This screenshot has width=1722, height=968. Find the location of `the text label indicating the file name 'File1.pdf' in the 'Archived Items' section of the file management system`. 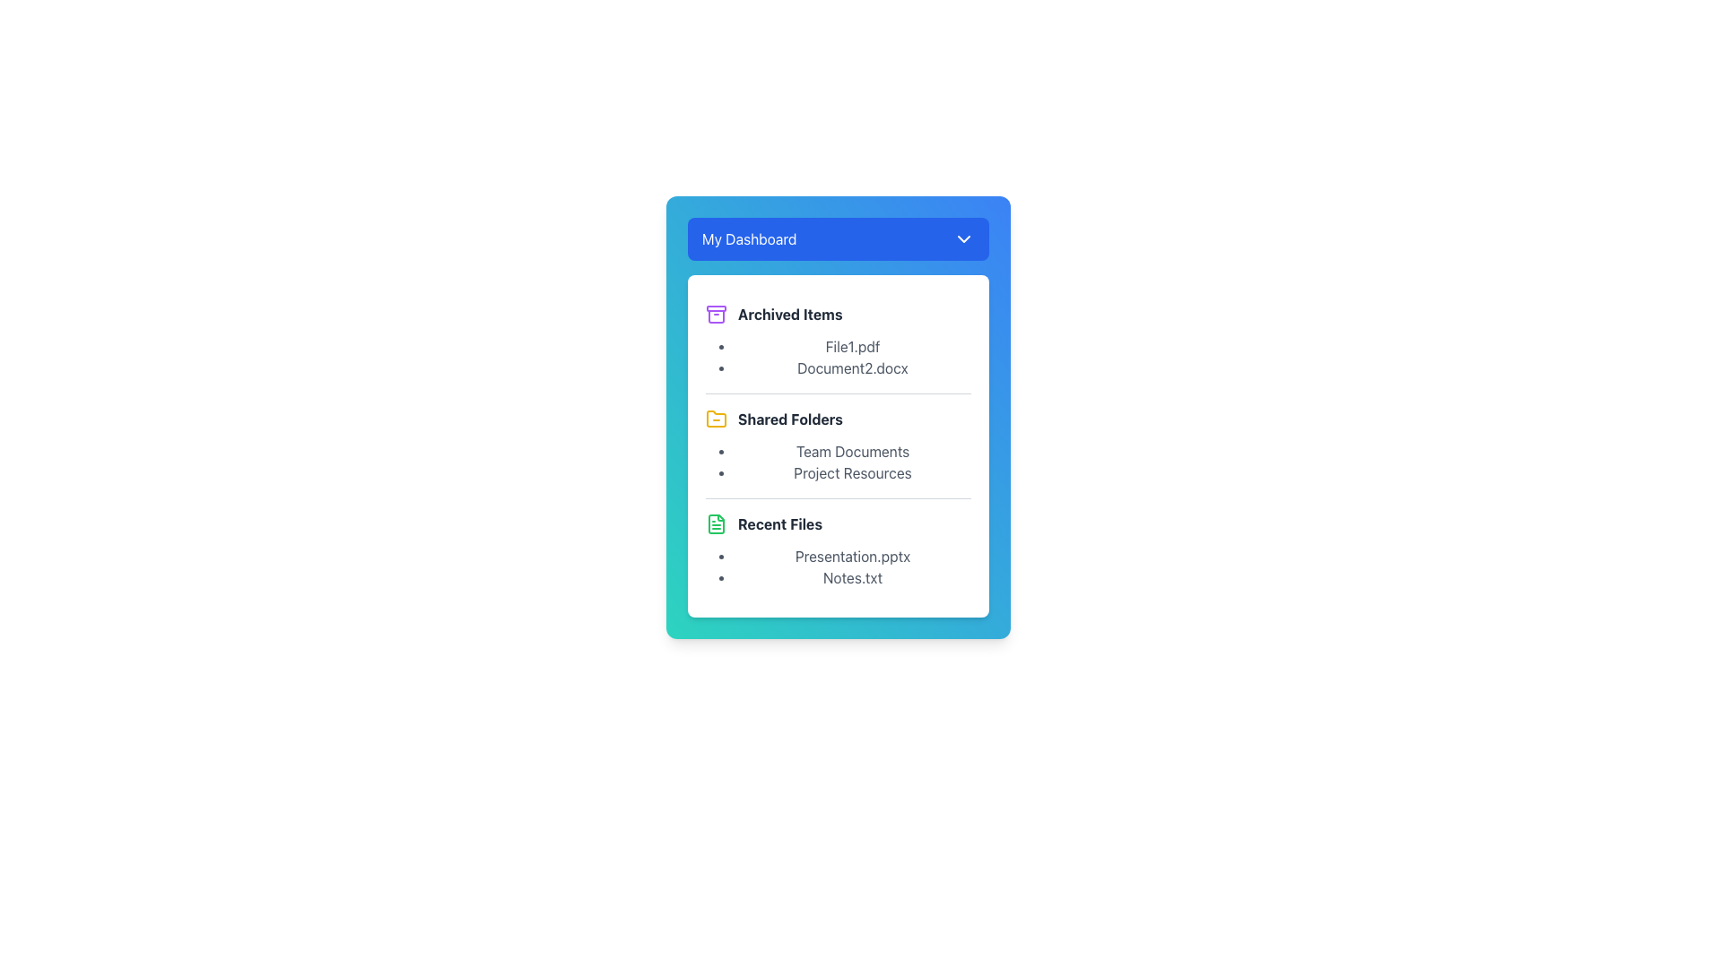

the text label indicating the file name 'File1.pdf' in the 'Archived Items' section of the file management system is located at coordinates (851, 346).